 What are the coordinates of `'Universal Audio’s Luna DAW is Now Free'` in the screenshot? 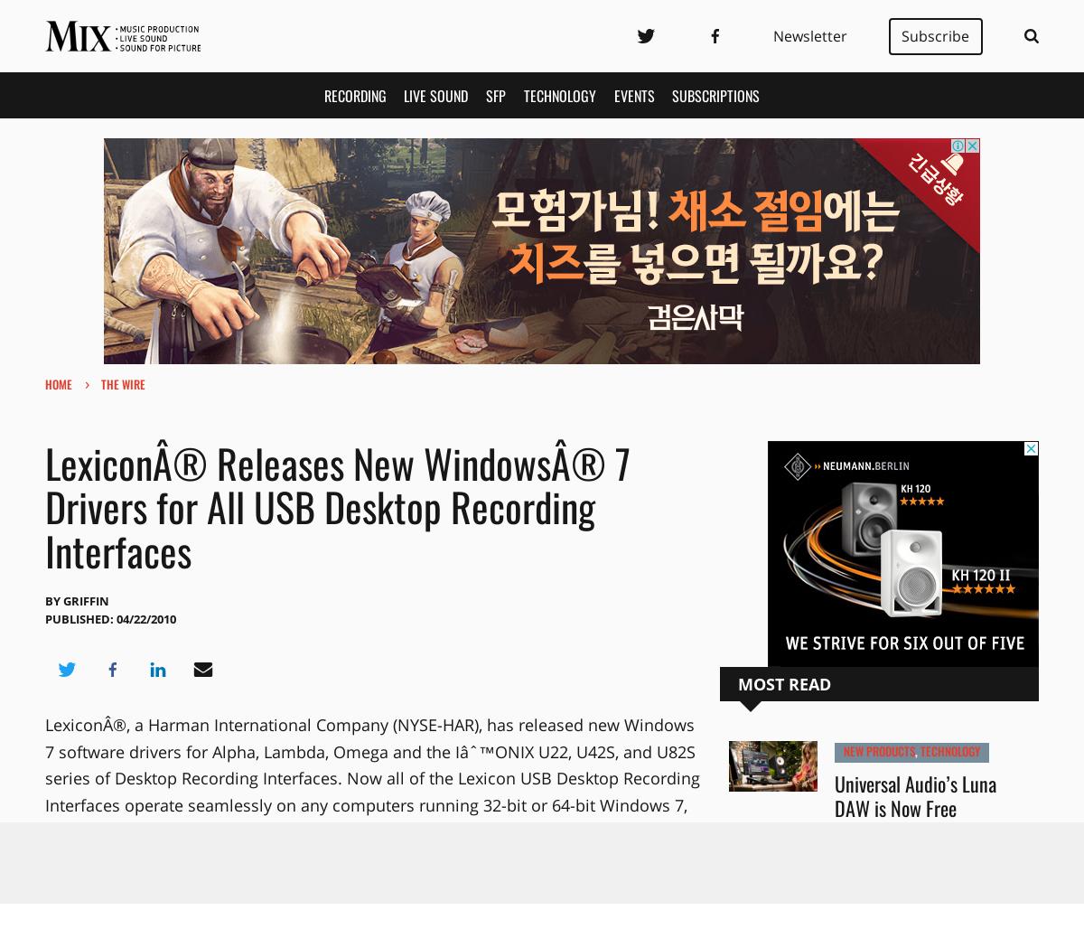 It's located at (915, 795).